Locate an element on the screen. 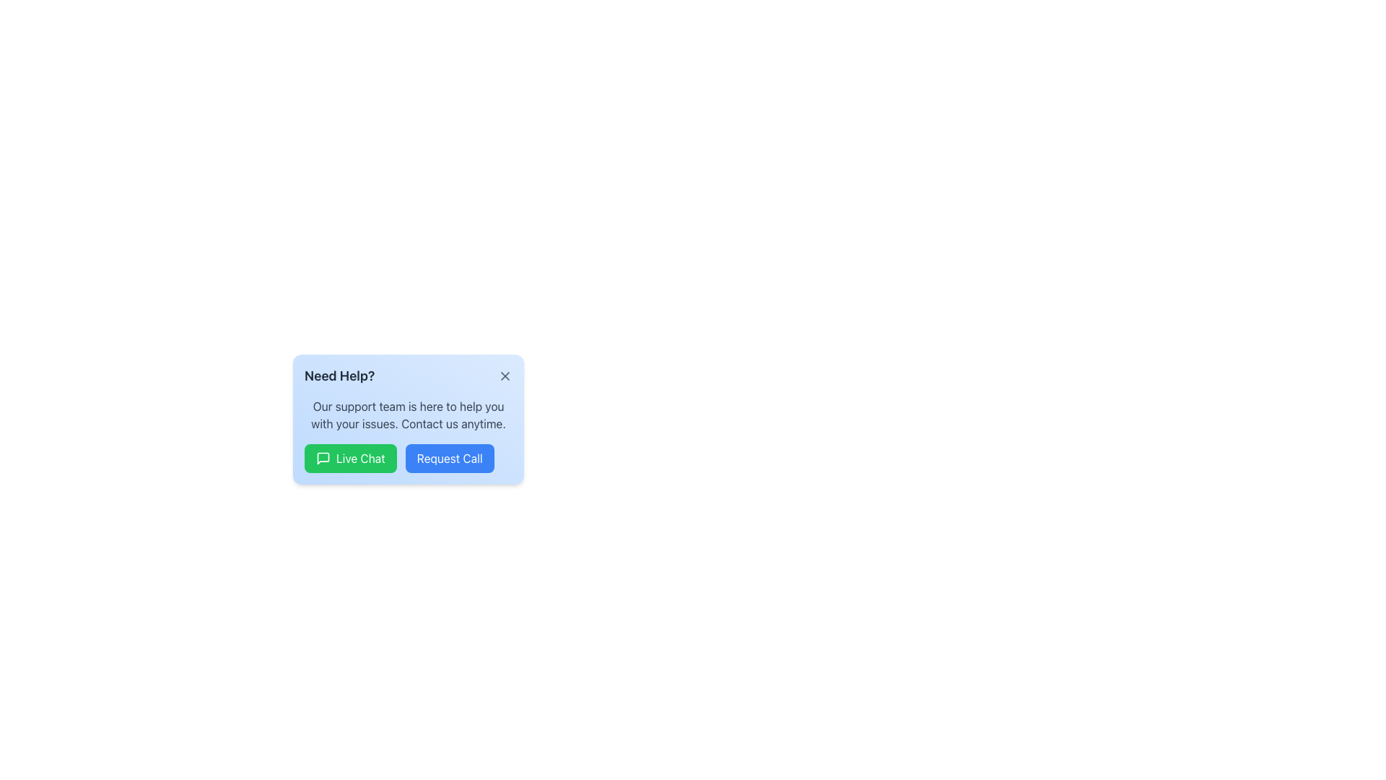 This screenshot has height=780, width=1386. the small interactive 'X' button located in the top-right corner of the 'Need Help?' popup window is located at coordinates (505, 375).